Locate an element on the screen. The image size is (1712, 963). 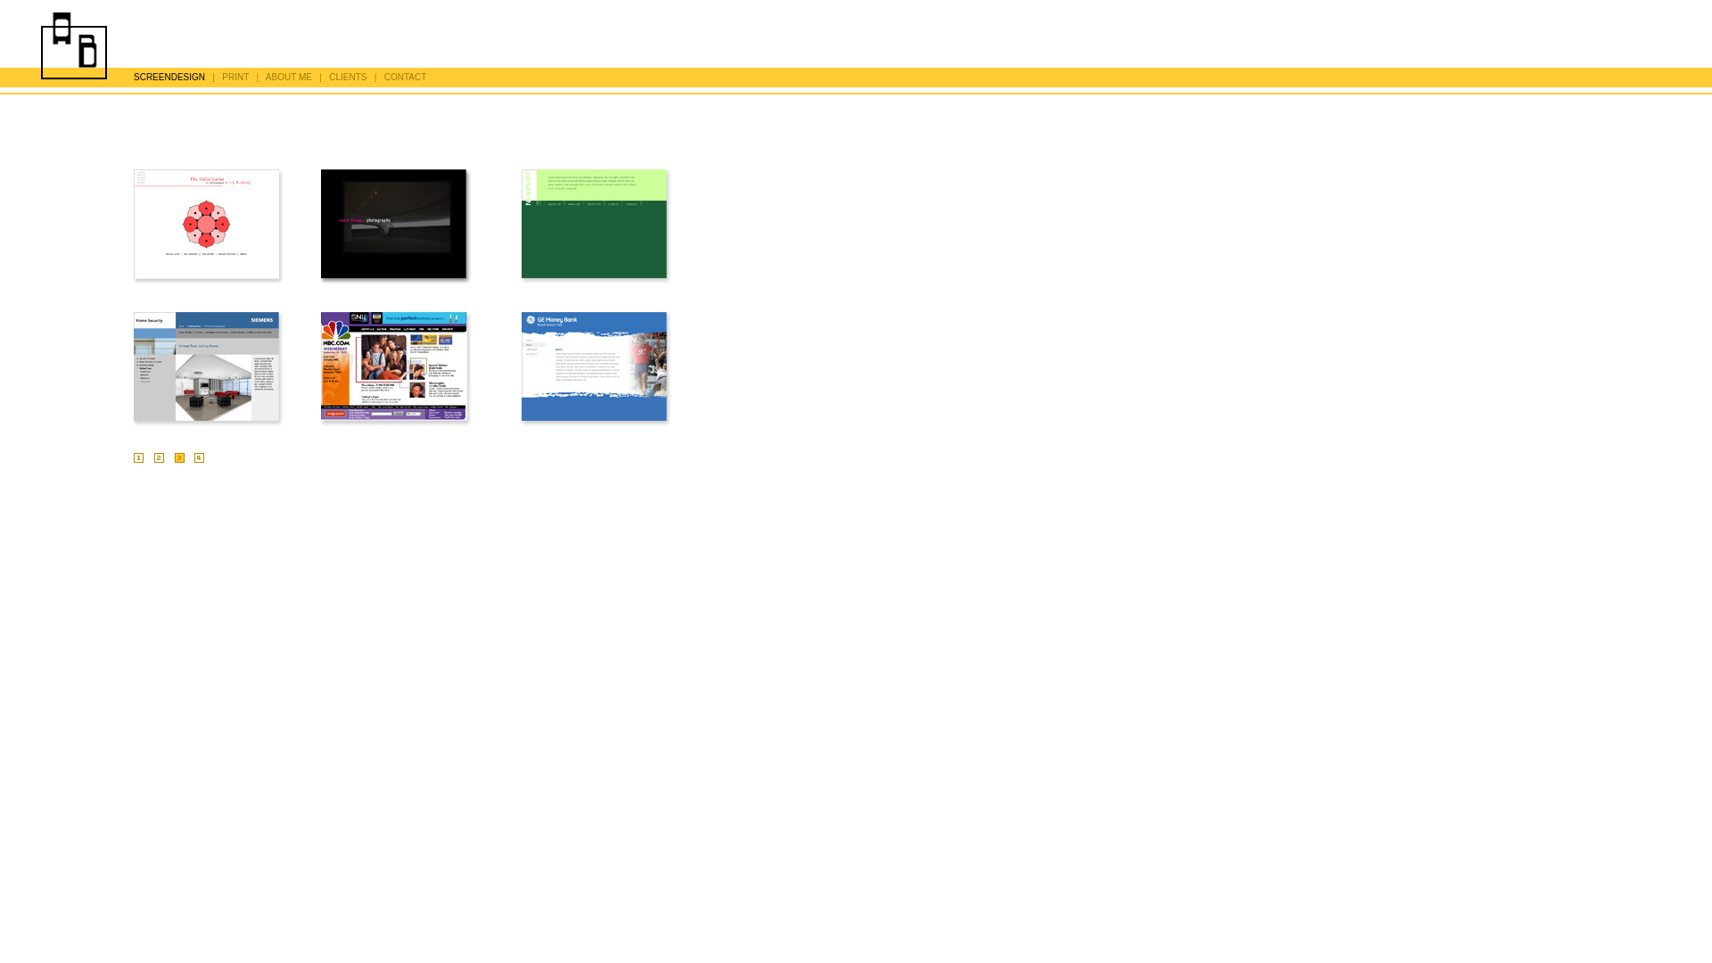
'PRINT' is located at coordinates (235, 76).